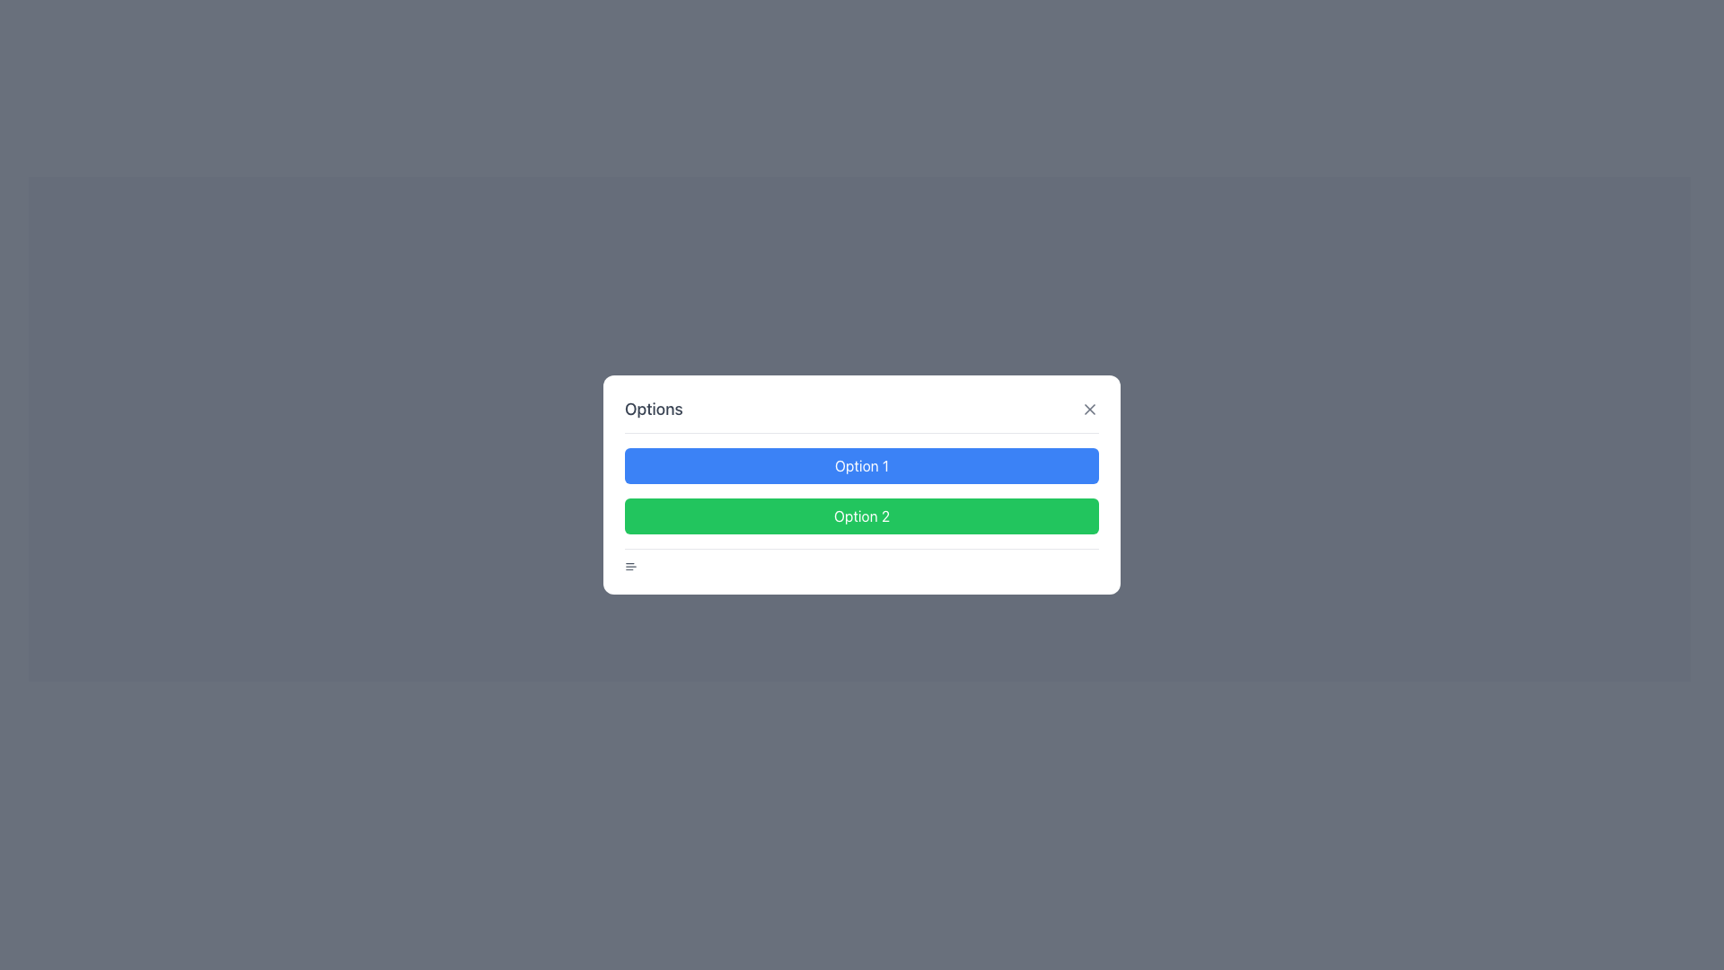 The width and height of the screenshot is (1724, 970). I want to click on the visual indicator icon located at the bottom left corner of the 'Options' section, below the 'Option 1' and 'Option 2' buttons, so click(630, 567).